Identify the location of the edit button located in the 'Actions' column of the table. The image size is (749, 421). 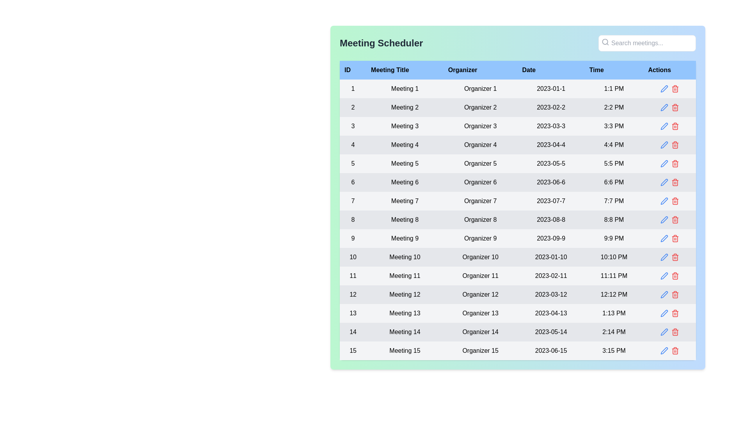
(664, 88).